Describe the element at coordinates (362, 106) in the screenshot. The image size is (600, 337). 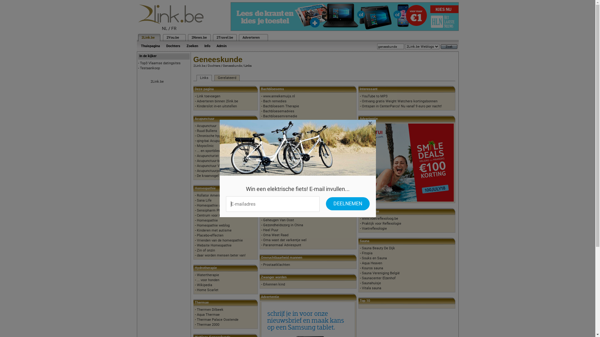
I see `'Ontspan in CenterParcs! Nu vanaf 9 euro per nacht!'` at that location.